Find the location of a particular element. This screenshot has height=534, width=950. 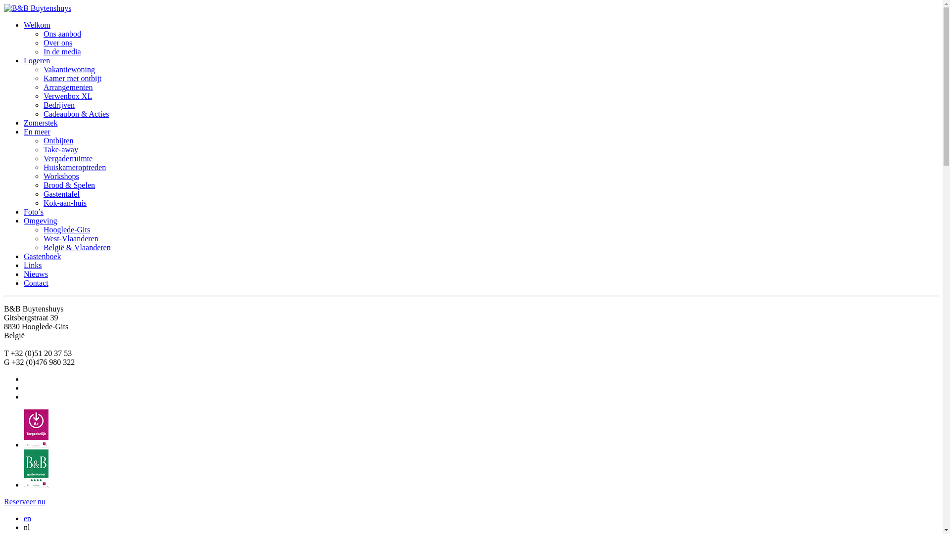

'Logeren' is located at coordinates (37, 60).